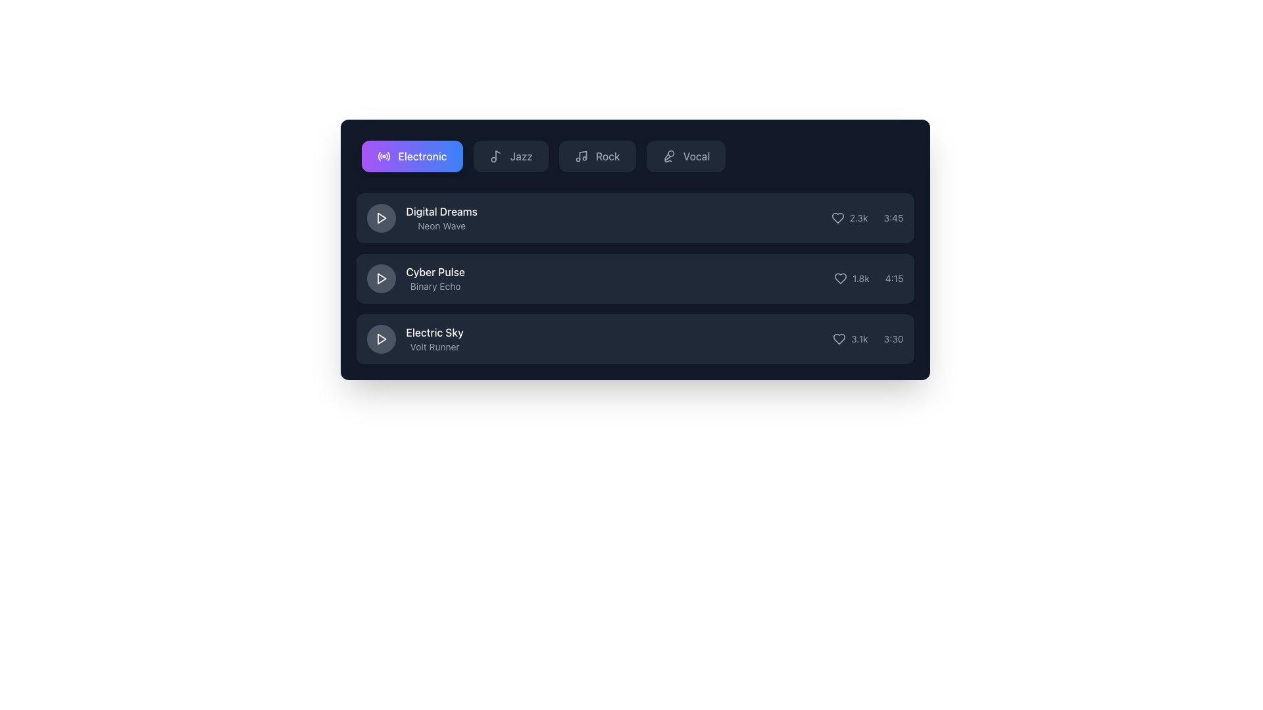  Describe the element at coordinates (851, 278) in the screenshot. I see `the numeric display showing '1.8k' with a hollow heart icon, located on the second row of the song list to the right of 'Cyber Pulse'` at that location.